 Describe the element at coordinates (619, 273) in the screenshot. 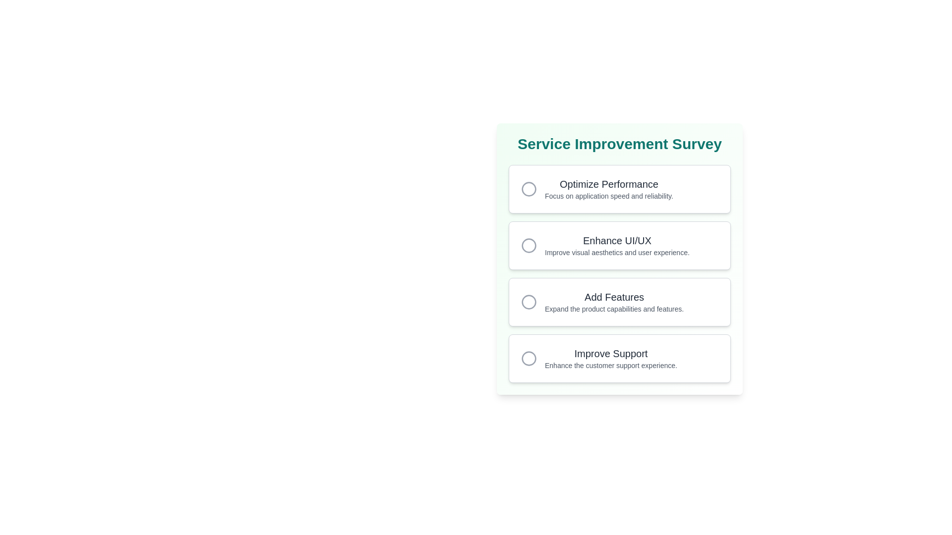

I see `the second option titled 'Enhance UI/UX' in the interactive list of the 'Service Improvement Survey'` at that location.